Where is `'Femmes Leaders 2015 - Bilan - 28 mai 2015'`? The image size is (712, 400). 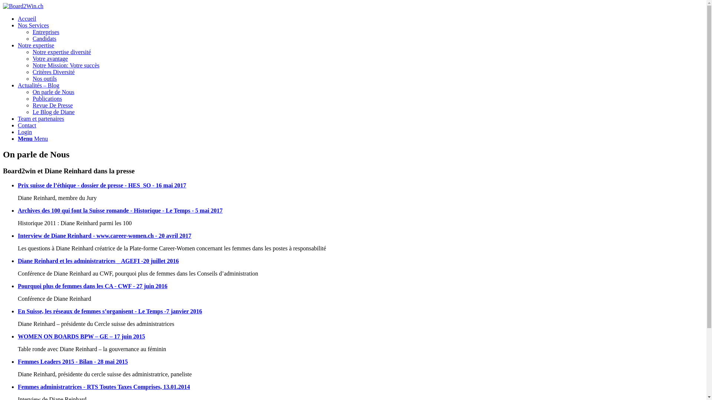 'Femmes Leaders 2015 - Bilan - 28 mai 2015' is located at coordinates (73, 361).